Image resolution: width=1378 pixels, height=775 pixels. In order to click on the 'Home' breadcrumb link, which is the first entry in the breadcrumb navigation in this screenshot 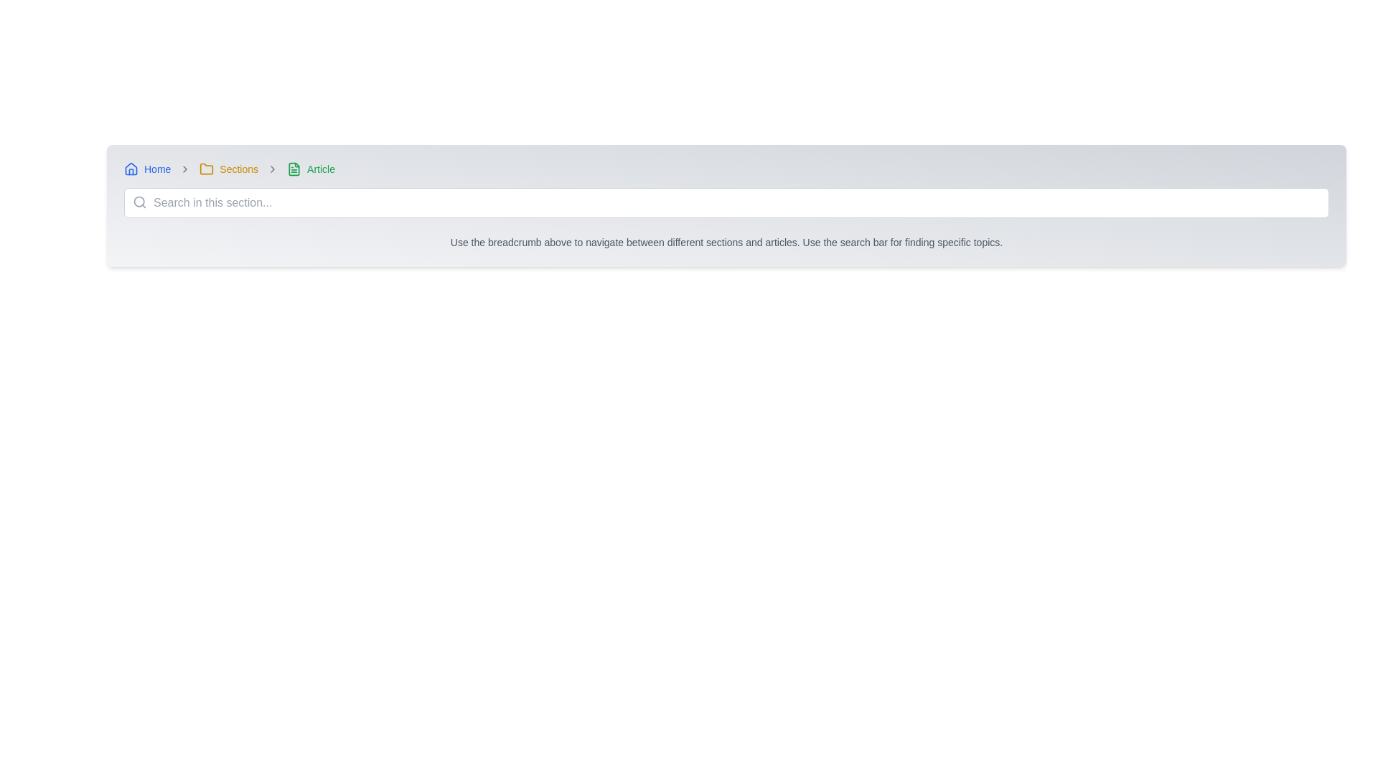, I will do `click(147, 168)`.